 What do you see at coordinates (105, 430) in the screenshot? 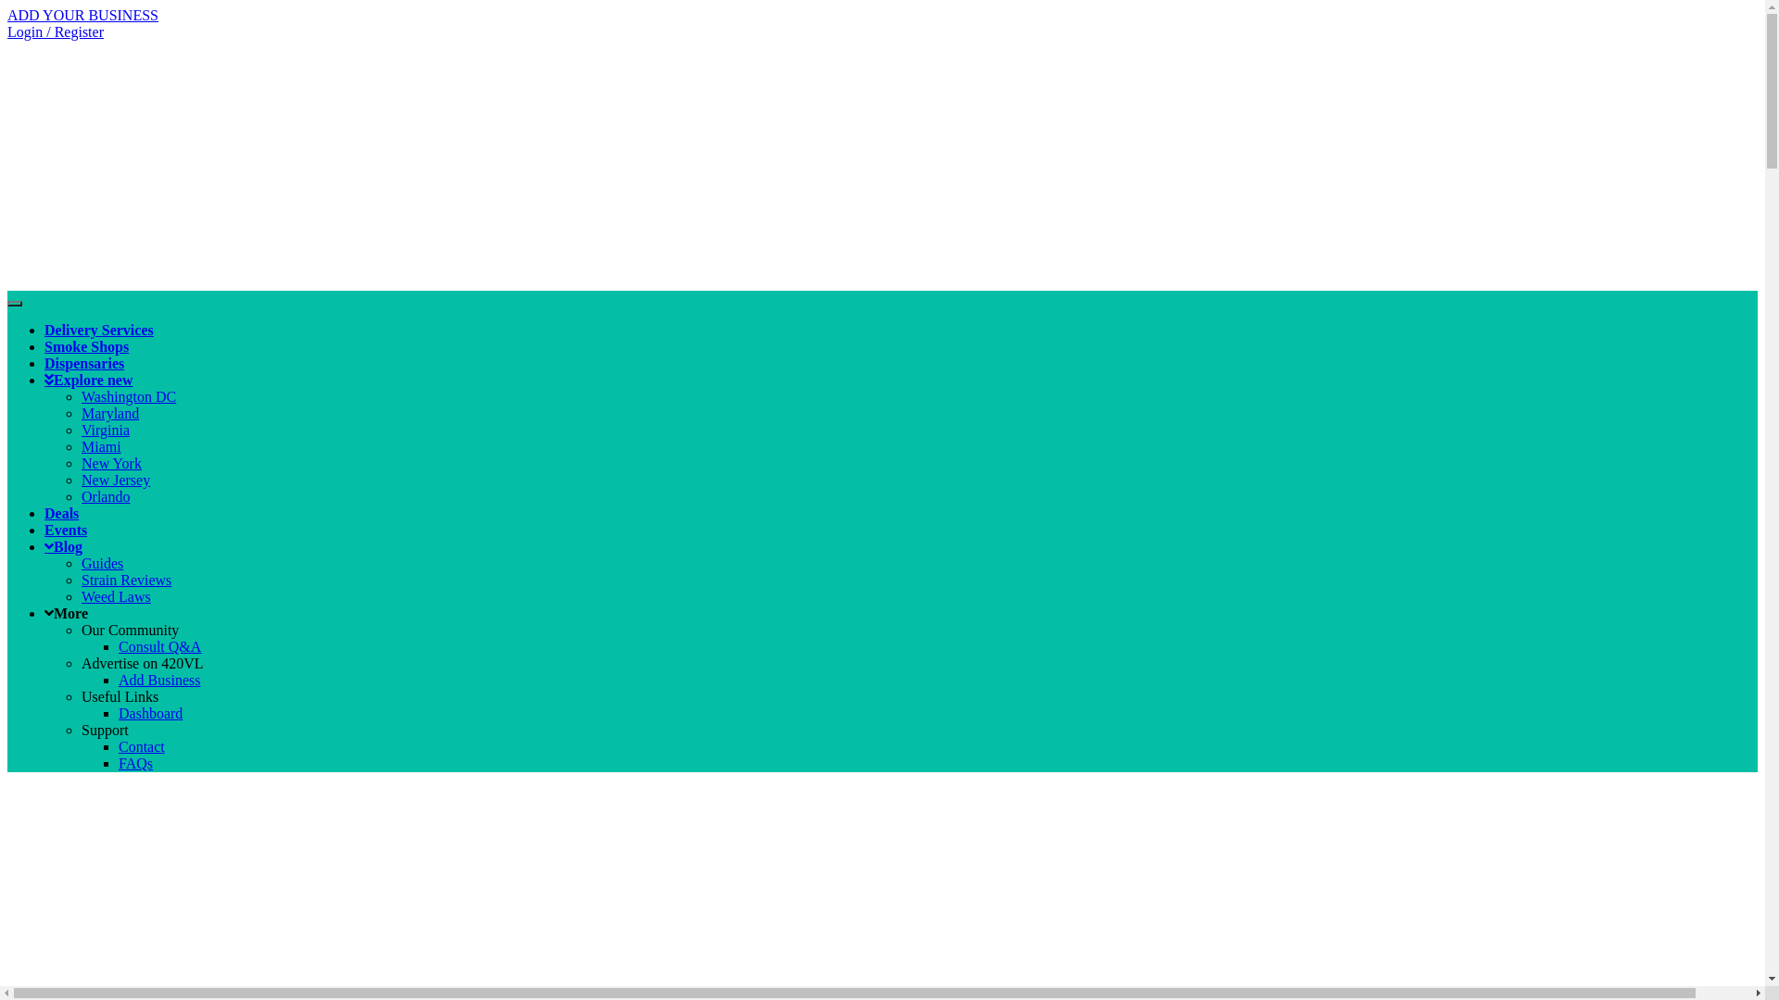
I see `'Virginia'` at bounding box center [105, 430].